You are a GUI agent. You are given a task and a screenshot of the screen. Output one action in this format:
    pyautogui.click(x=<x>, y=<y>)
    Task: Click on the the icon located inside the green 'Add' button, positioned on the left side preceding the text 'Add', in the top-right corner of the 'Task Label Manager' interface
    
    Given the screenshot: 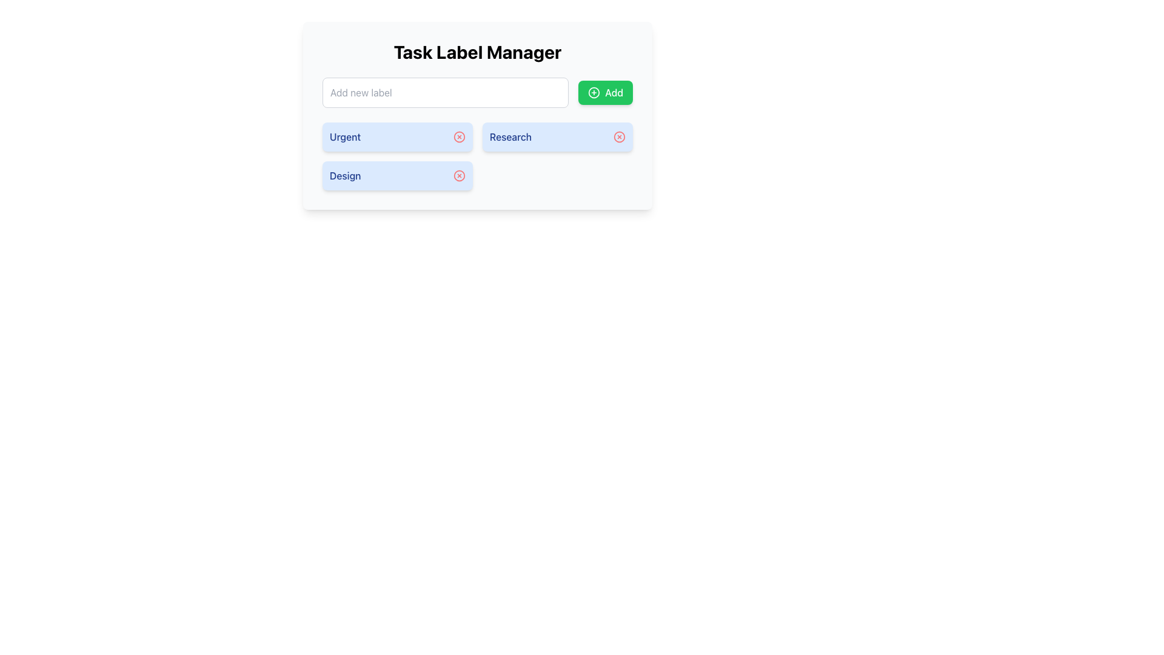 What is the action you would take?
    pyautogui.click(x=594, y=92)
    